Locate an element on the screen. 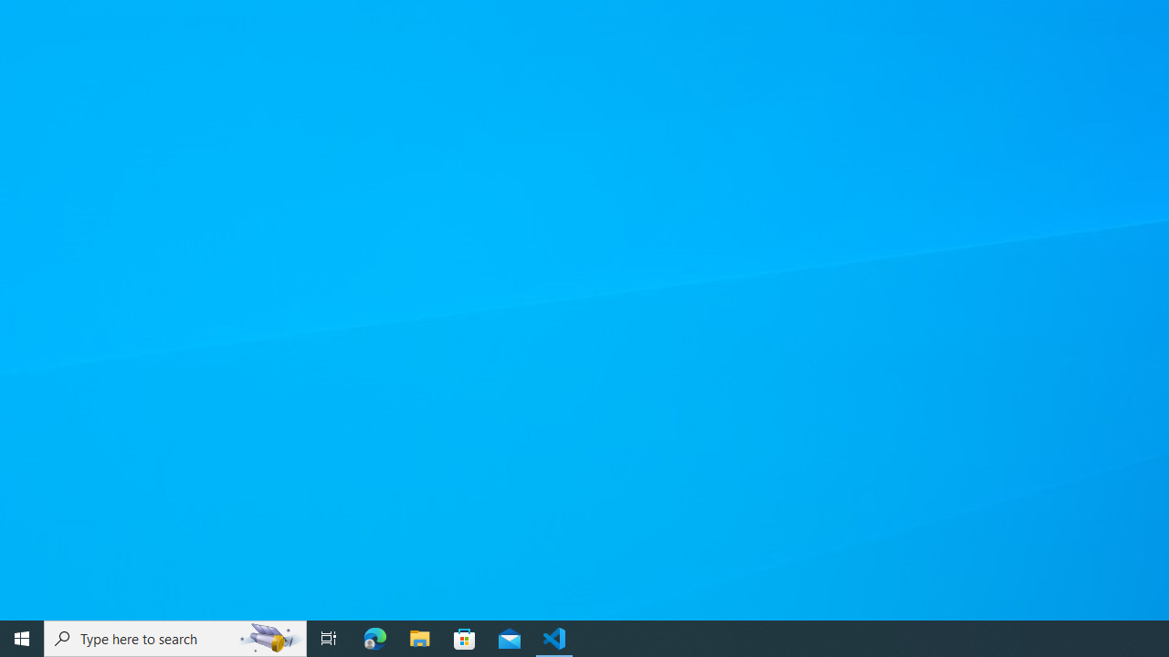 This screenshot has width=1169, height=657. 'Task View' is located at coordinates (328, 637).